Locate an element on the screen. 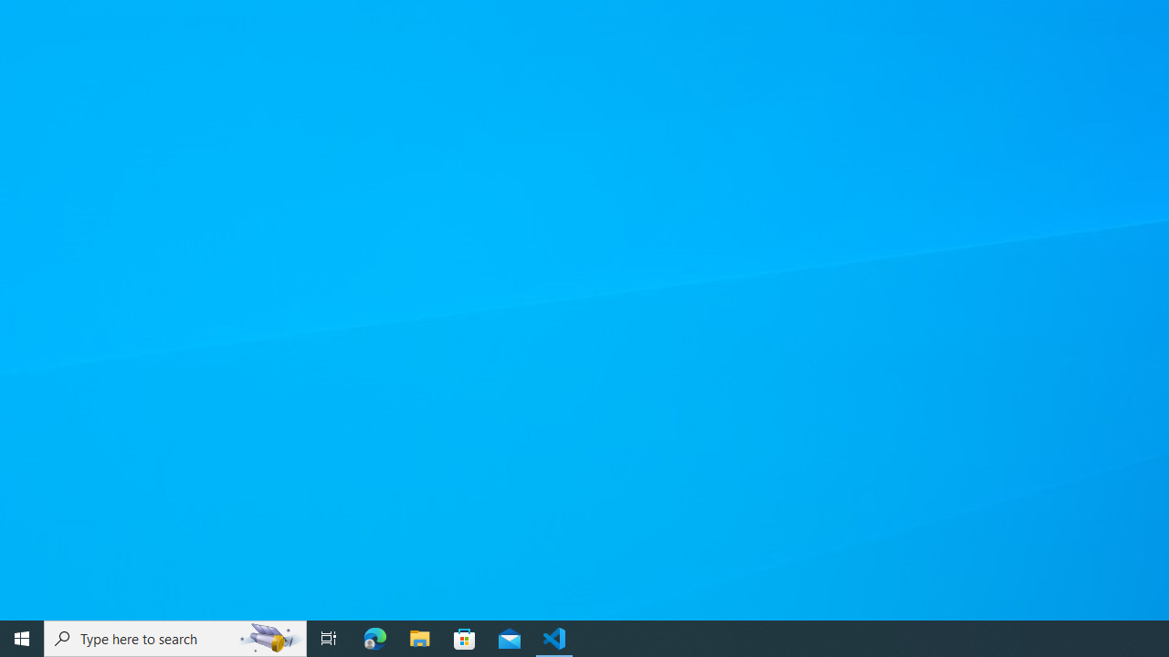 This screenshot has width=1169, height=657. 'Task View' is located at coordinates (328, 637).